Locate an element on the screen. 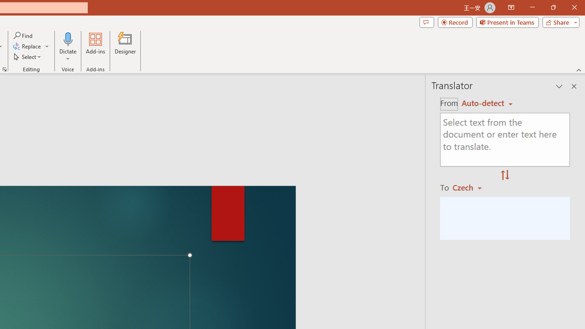 The image size is (585, 329). 'Swap "from" and "to" languages.' is located at coordinates (505, 175).